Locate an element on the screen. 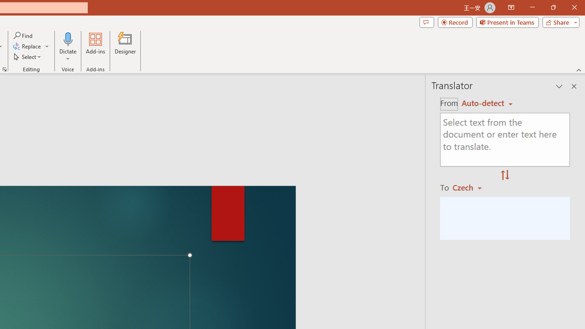 The image size is (585, 329). 'Swap "from" and "to" languages.' is located at coordinates (505, 175).